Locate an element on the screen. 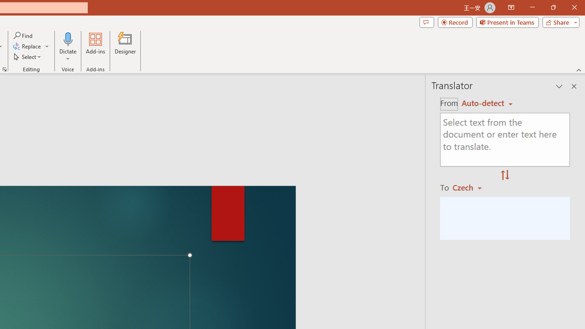 The image size is (585, 329). 'Swap "from" and "to" languages.' is located at coordinates (505, 175).